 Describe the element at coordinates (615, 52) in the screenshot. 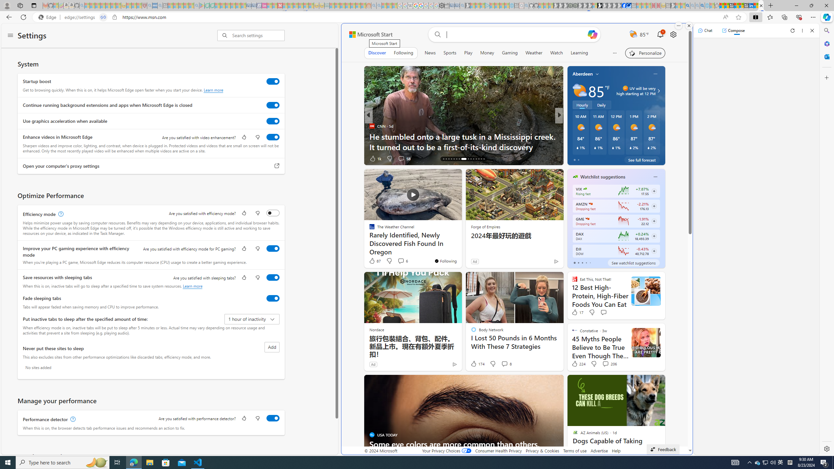

I see `'Show more topics'` at that location.